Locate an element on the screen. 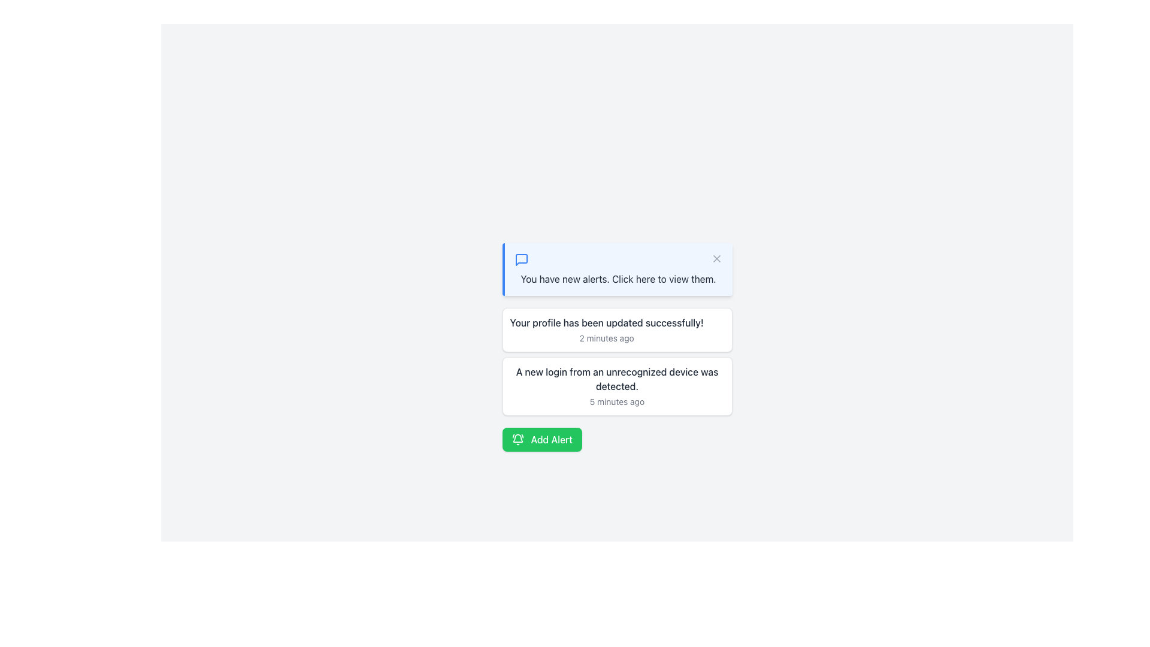  the blue speech bubble icon located in the upper left corner of the first notification box in the vertical list of notifications is located at coordinates (521, 259).